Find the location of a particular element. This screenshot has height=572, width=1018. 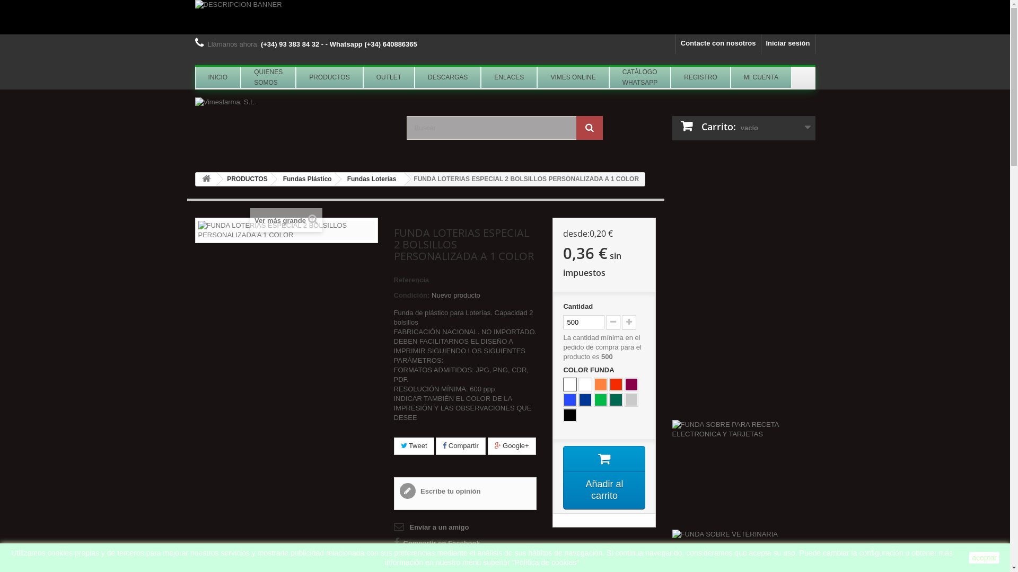

'NARANJA' is located at coordinates (600, 384).